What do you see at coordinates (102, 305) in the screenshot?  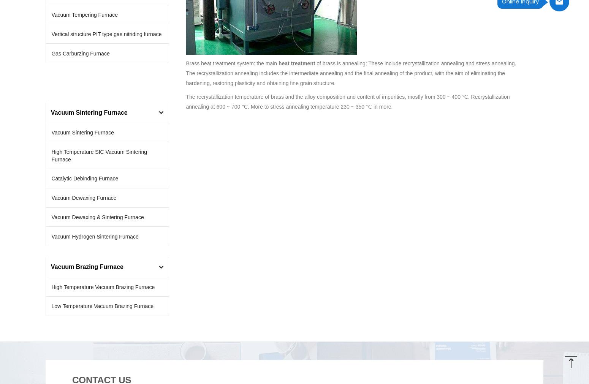 I see `'Low Temperature Vacuum Brazing Furnace'` at bounding box center [102, 305].